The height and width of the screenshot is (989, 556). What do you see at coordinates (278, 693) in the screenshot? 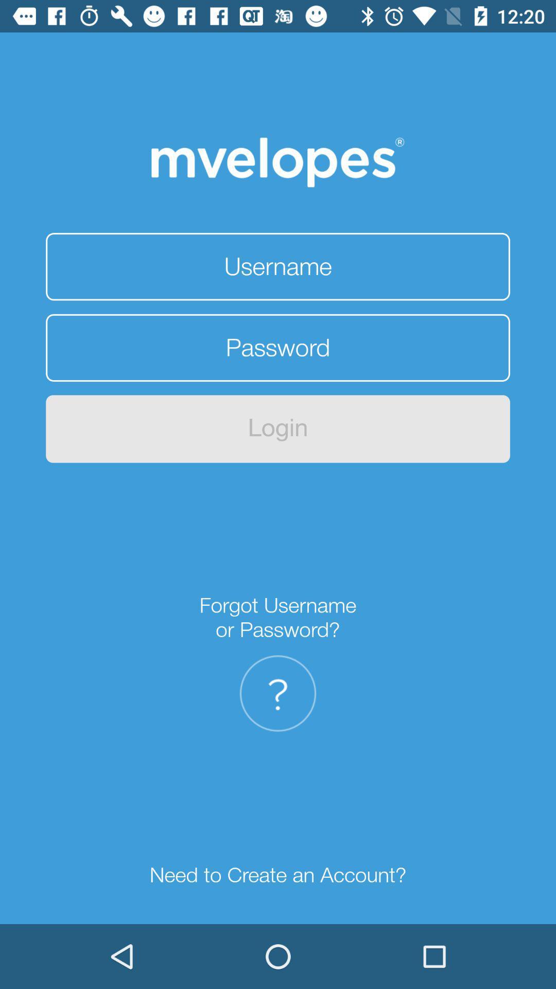
I see `in case of forgotten username or password` at bounding box center [278, 693].